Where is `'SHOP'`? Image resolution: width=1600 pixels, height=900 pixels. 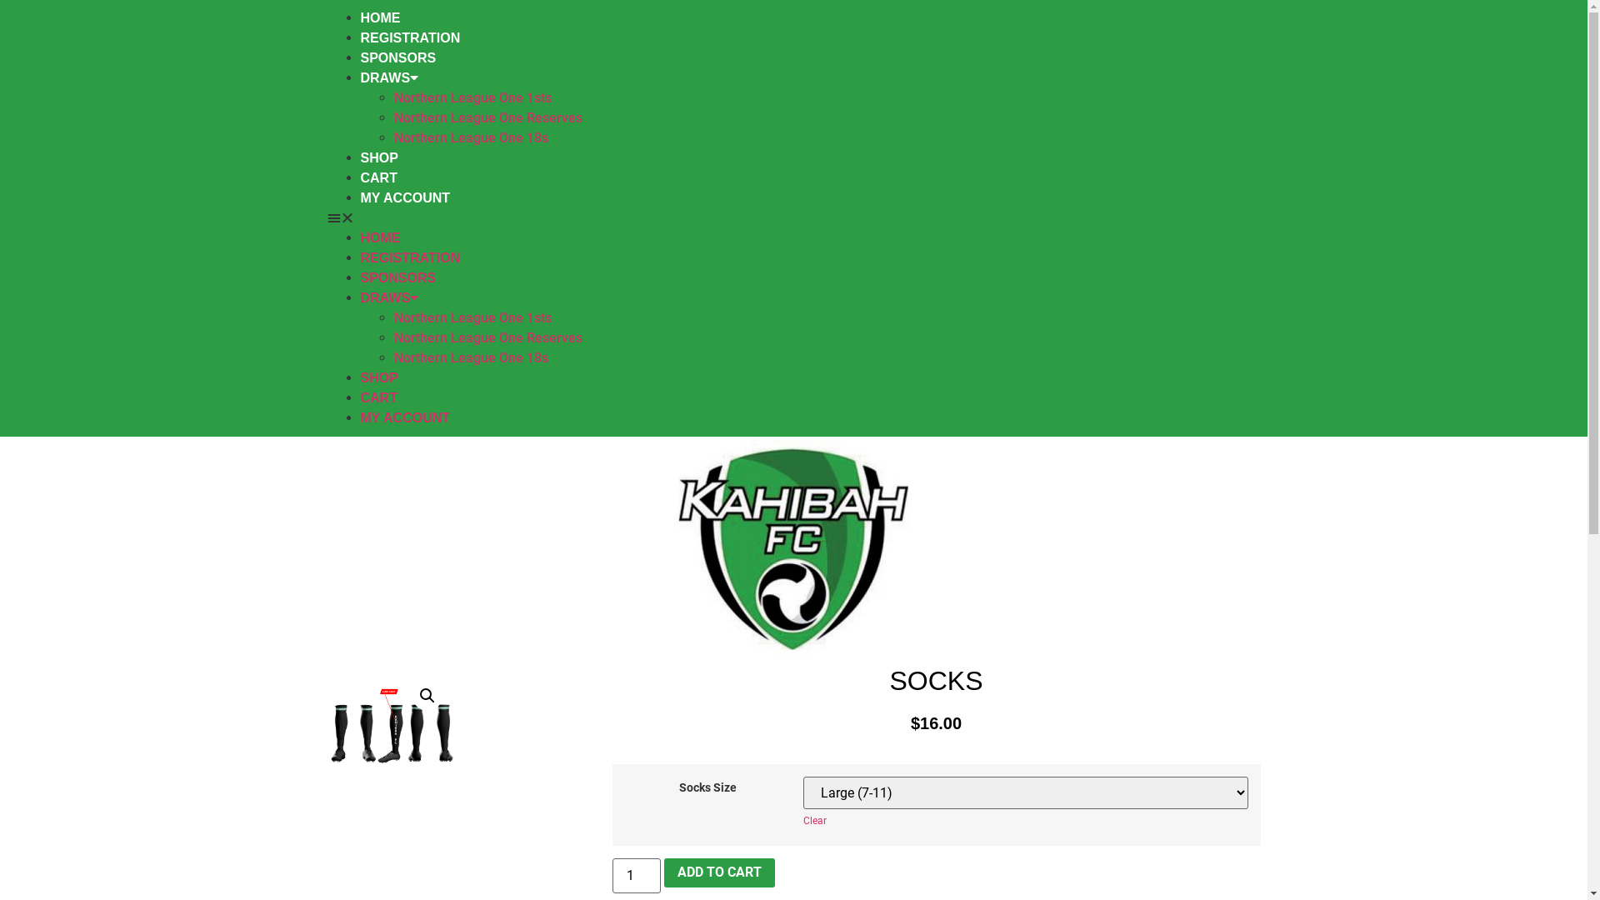
'SHOP' is located at coordinates (377, 377).